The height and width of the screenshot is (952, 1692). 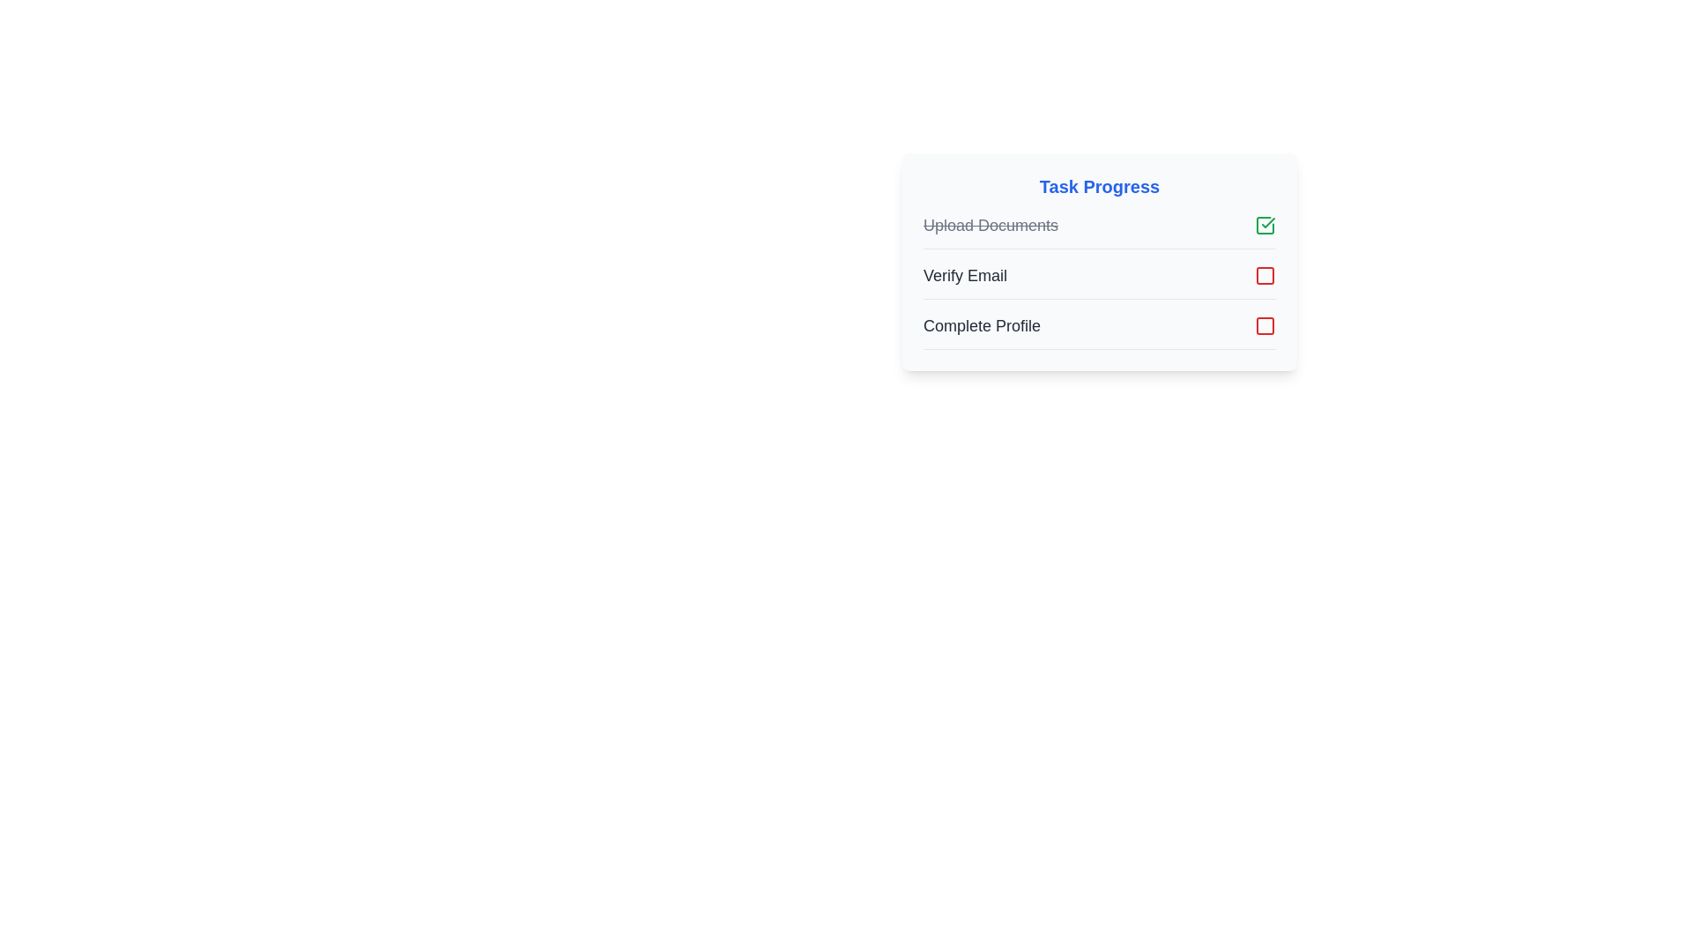 I want to click on the completion indicator icon located in the top-right corner of the 'Upload Documents' task row, so click(x=1264, y=224).